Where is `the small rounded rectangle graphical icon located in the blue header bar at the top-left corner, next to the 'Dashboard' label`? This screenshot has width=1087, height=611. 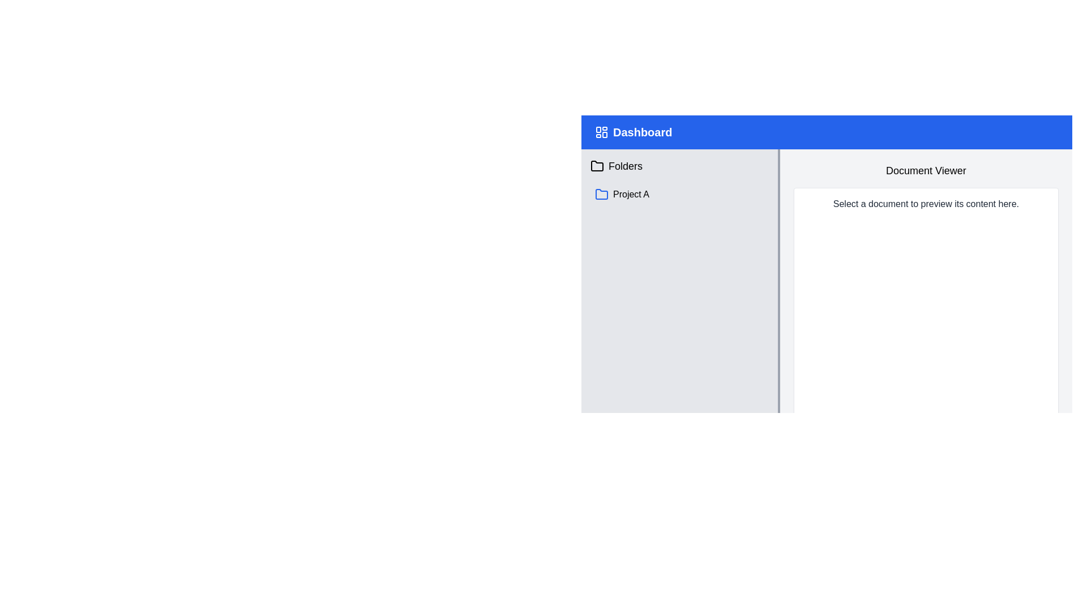 the small rounded rectangle graphical icon located in the blue header bar at the top-left corner, next to the 'Dashboard' label is located at coordinates (604, 134).